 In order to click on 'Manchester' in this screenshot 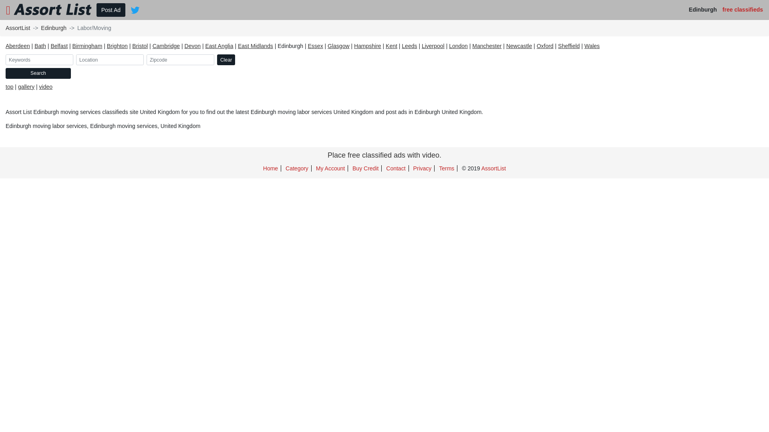, I will do `click(486, 46)`.